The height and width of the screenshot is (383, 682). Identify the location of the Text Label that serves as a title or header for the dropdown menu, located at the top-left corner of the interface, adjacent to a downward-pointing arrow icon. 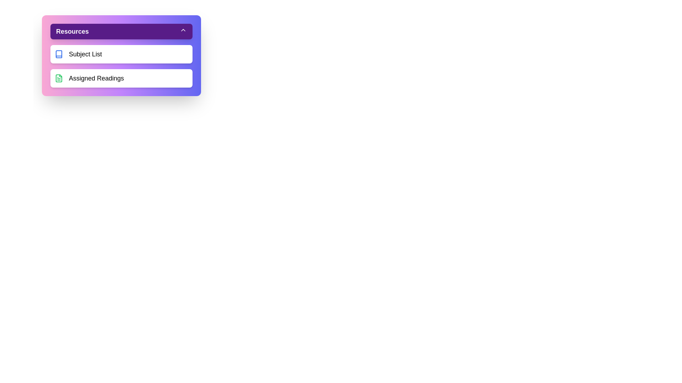
(72, 31).